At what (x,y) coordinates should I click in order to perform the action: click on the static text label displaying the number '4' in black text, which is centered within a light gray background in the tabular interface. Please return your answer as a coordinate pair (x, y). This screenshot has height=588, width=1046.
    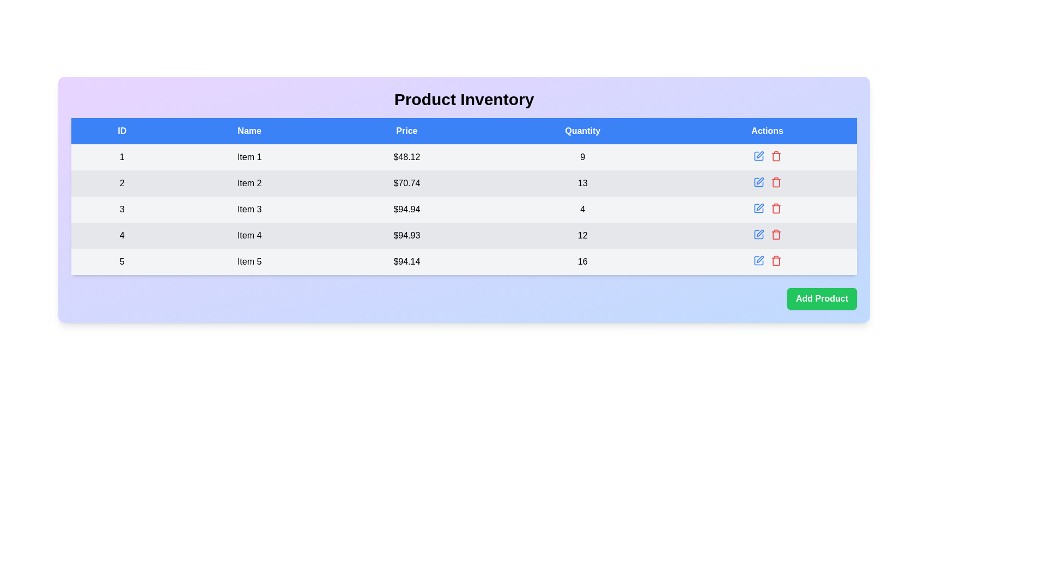
    Looking at the image, I should click on (122, 235).